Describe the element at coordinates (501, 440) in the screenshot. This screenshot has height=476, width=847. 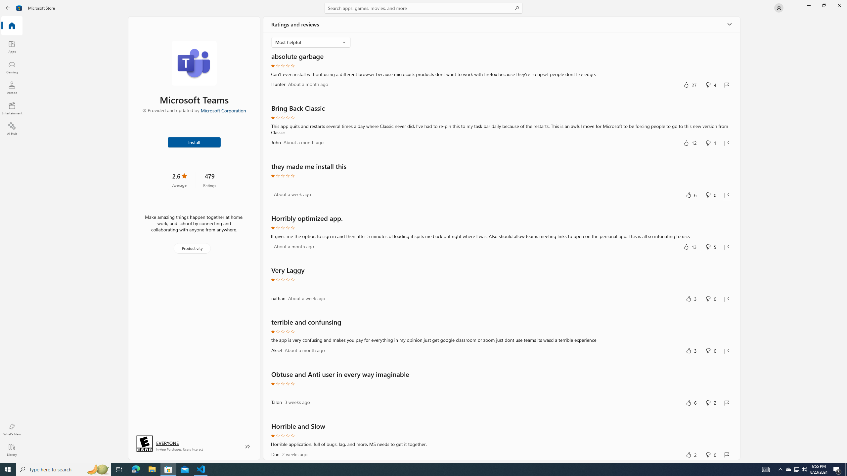
I see `'Review by Dan. Rated 1 out of five stars. Horrible and Slow.'` at that location.